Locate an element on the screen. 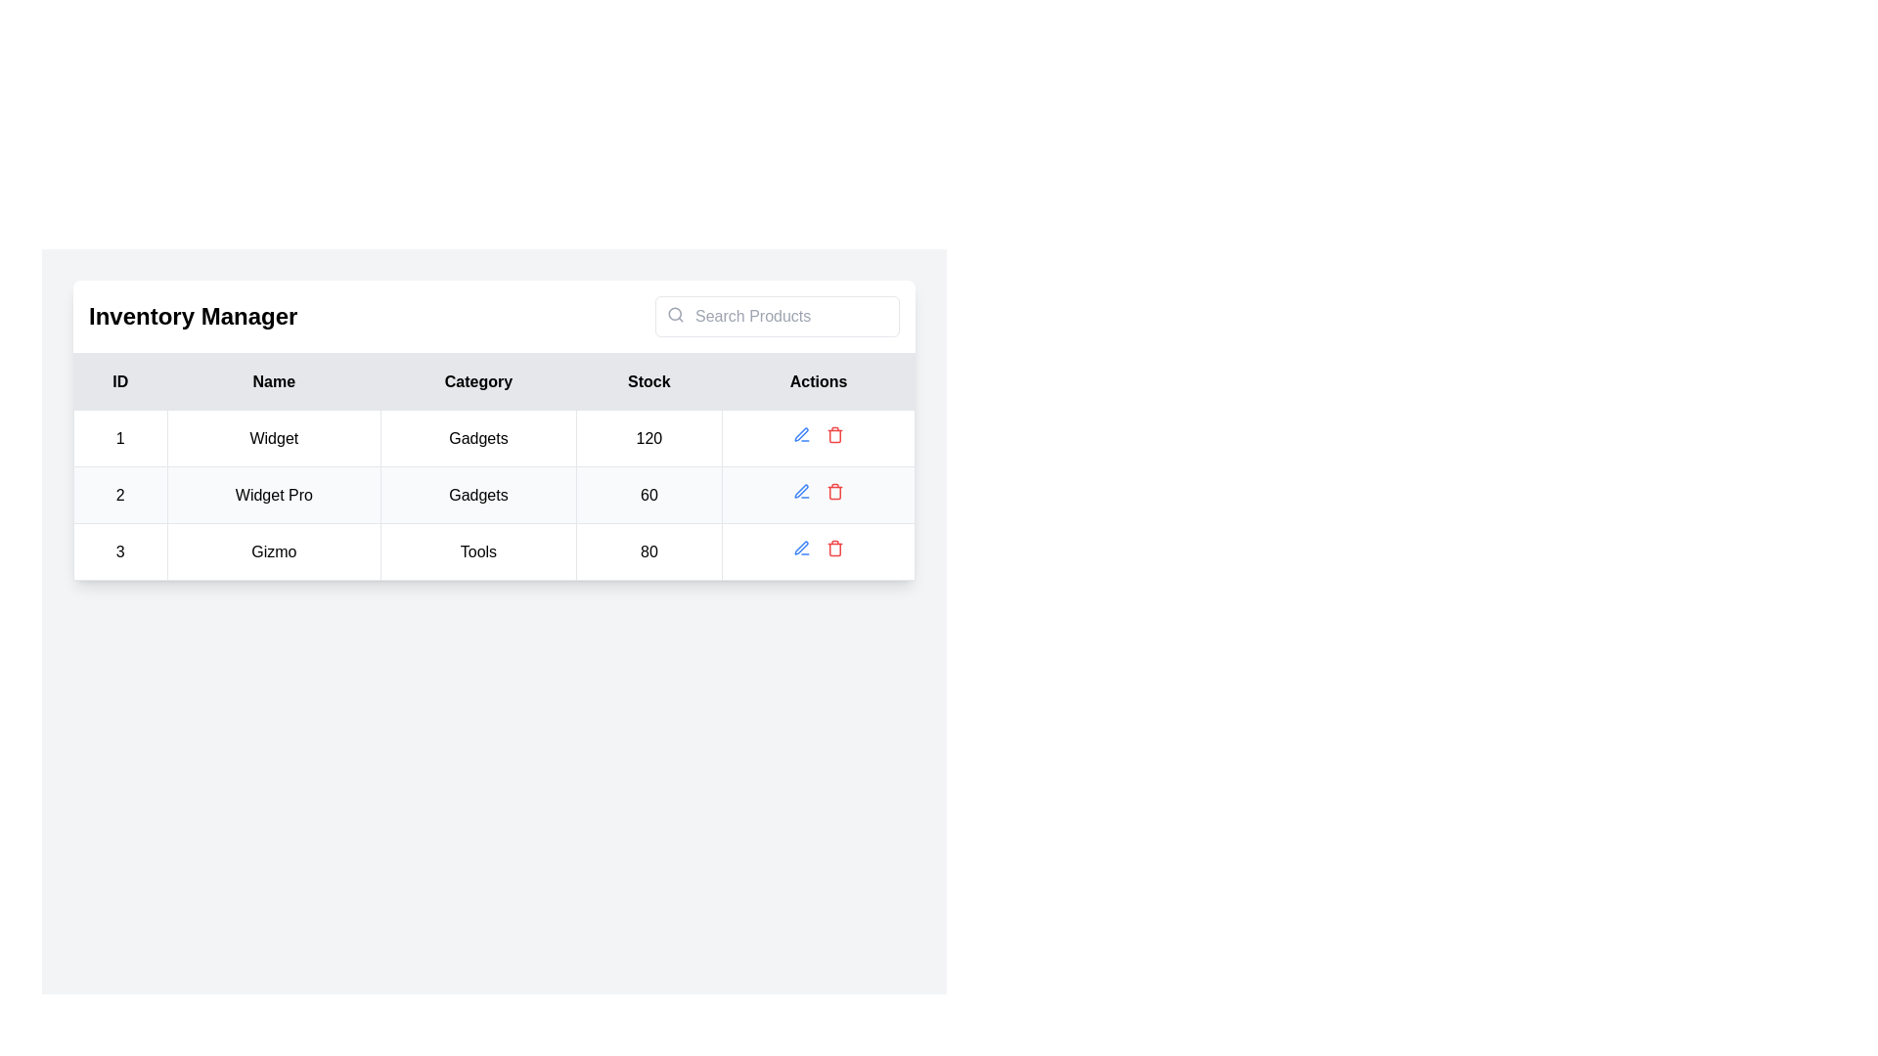  the bold numeral '3' text element located is located at coordinates (119, 551).